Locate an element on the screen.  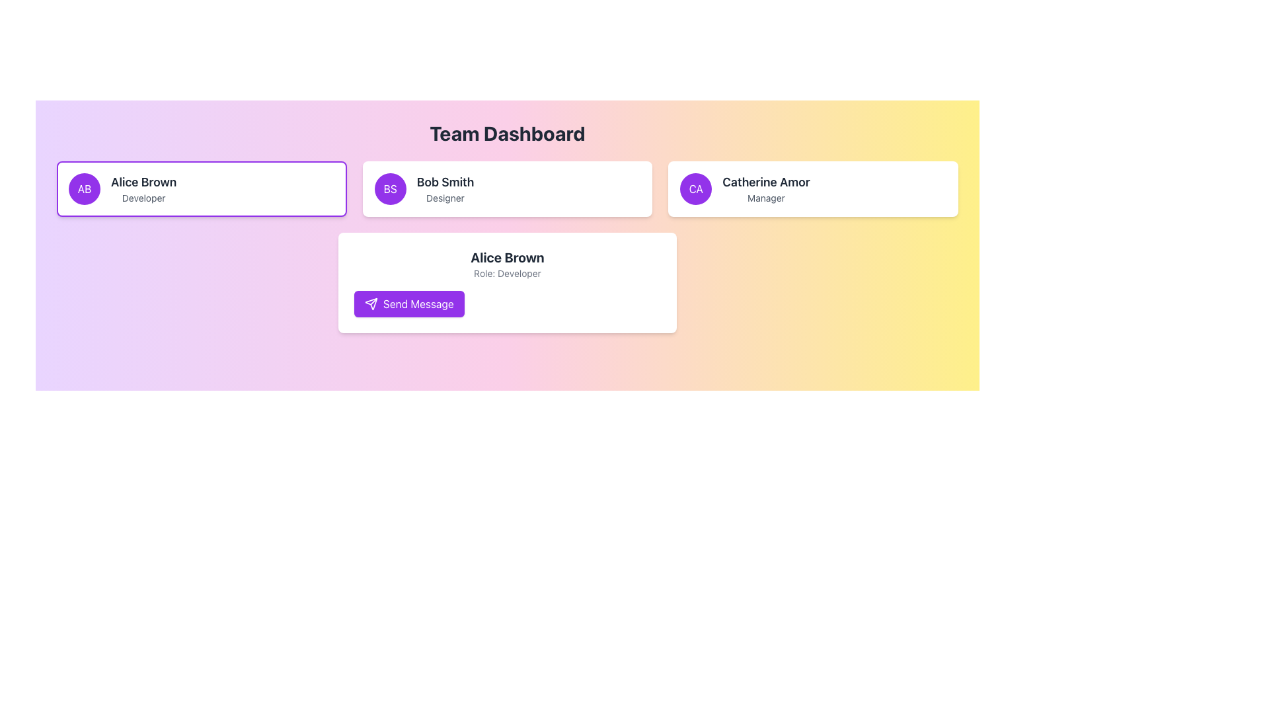
text label indicating the professional role of the individual featured in the card, located directly below 'Alice Brown' and above the 'Send Message' button is located at coordinates (507, 272).